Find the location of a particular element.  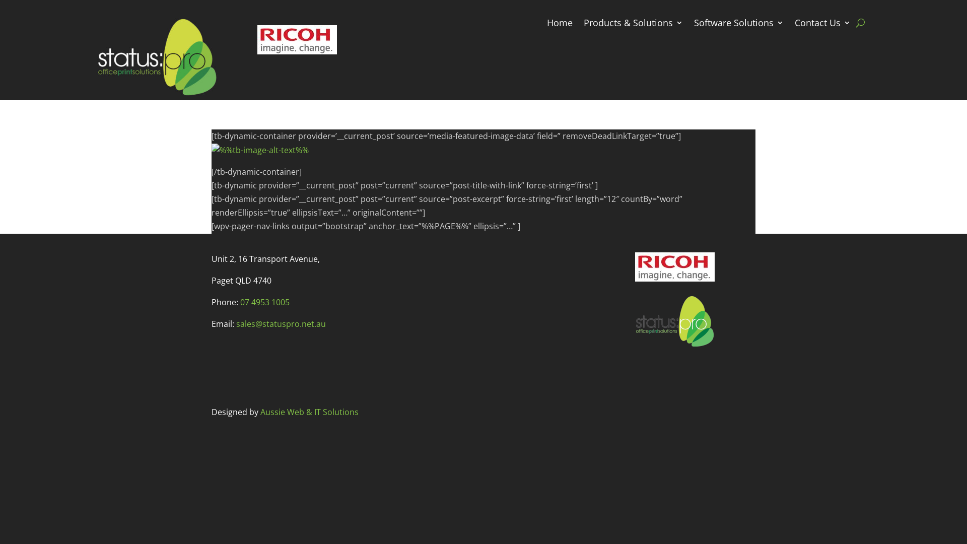

'Products & Solutions' is located at coordinates (633, 24).